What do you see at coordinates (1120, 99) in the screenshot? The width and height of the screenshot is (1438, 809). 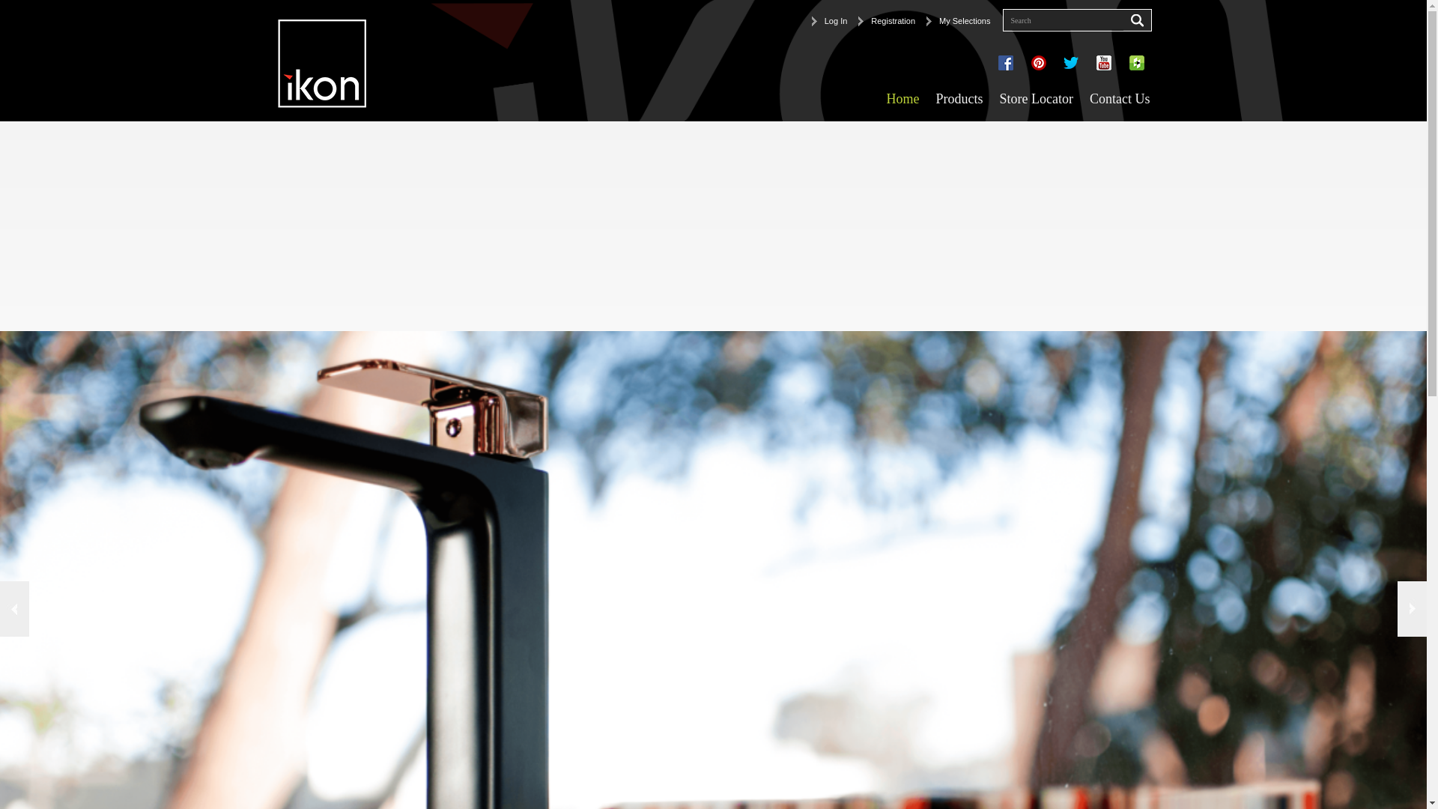 I see `'Contact Us'` at bounding box center [1120, 99].